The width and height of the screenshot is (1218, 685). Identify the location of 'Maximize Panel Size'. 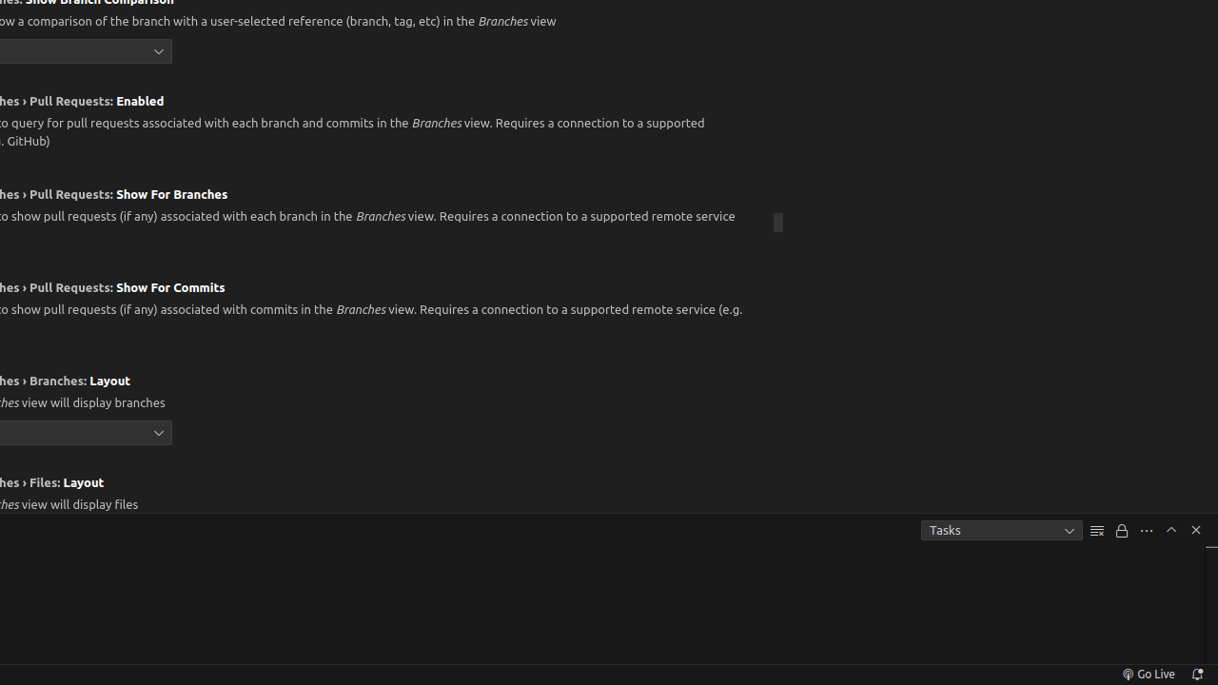
(1169, 529).